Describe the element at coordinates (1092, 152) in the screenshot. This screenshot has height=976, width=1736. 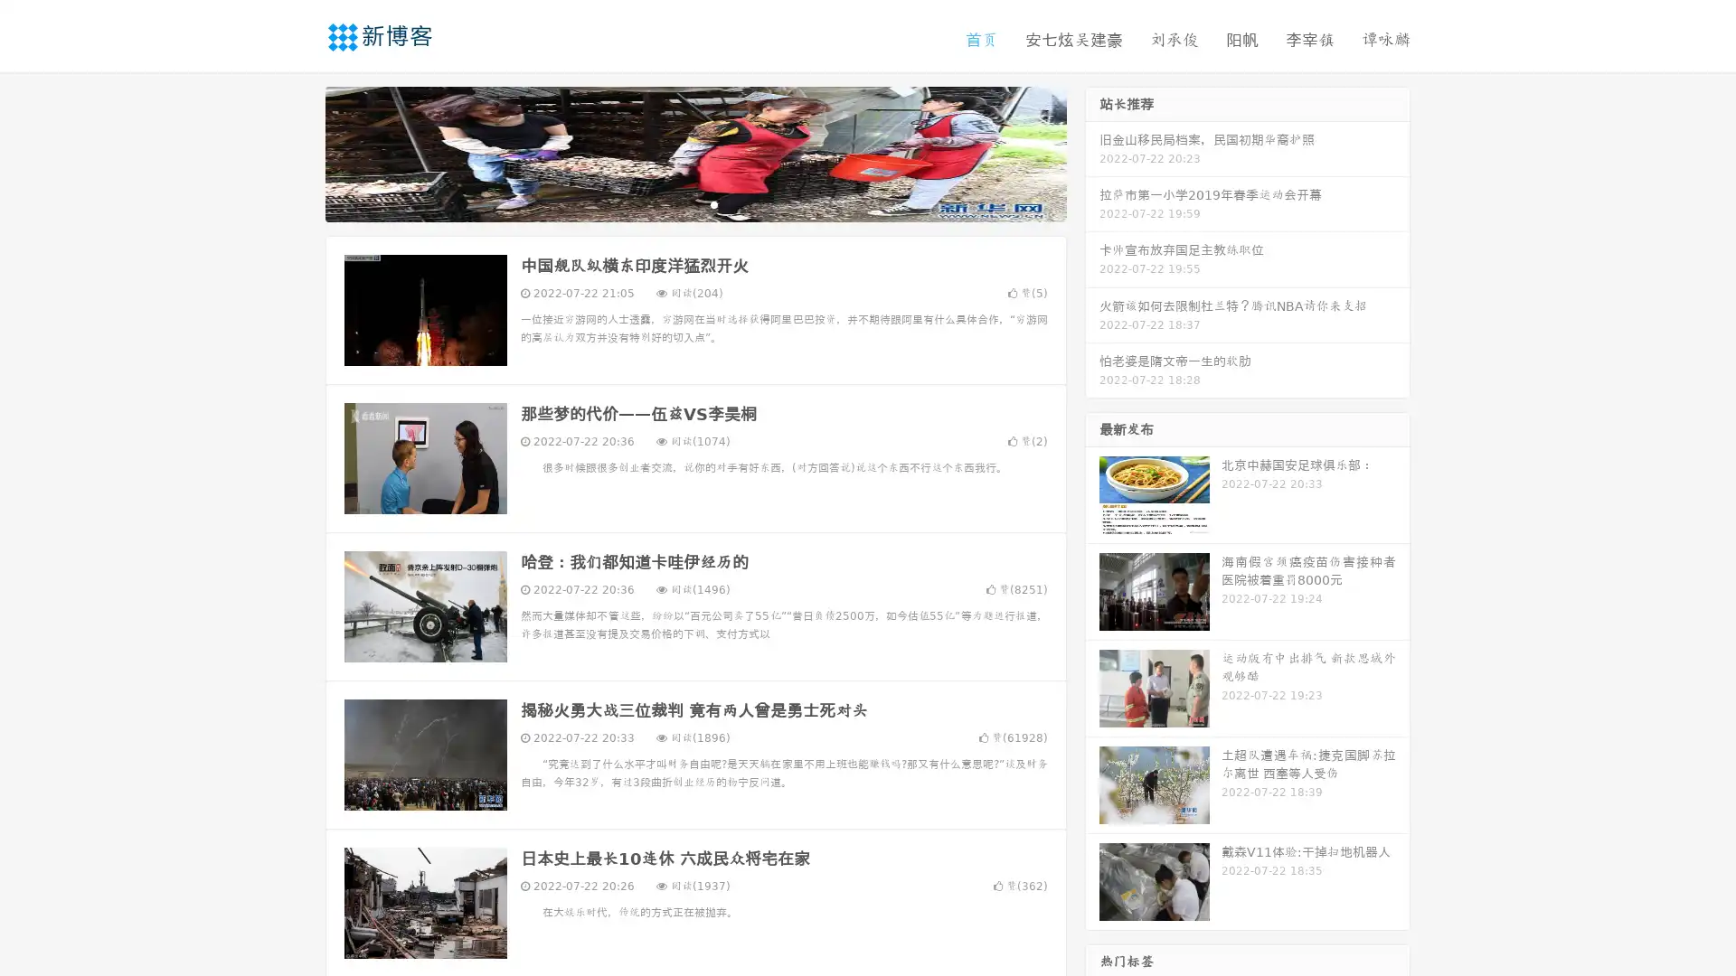
I see `Next slide` at that location.